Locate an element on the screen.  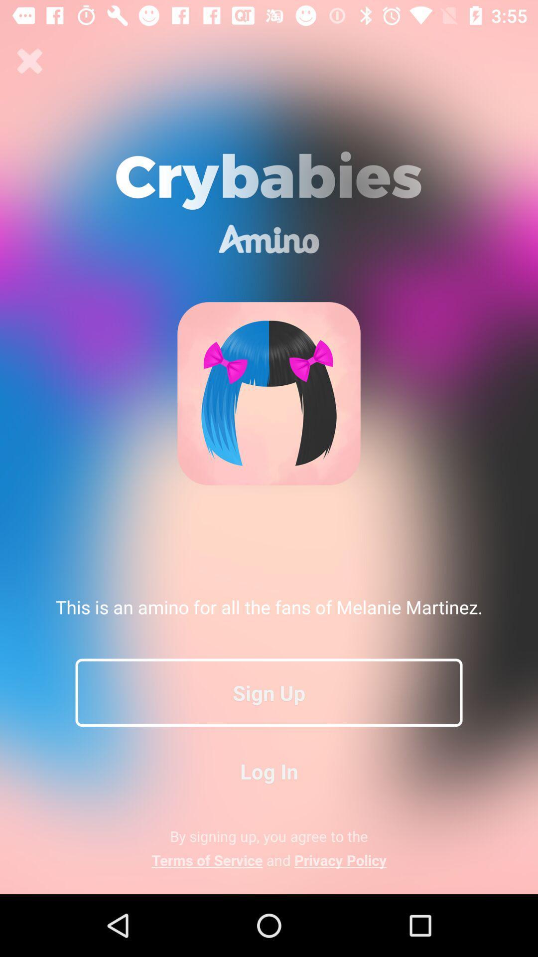
the terms of service icon is located at coordinates (269, 859).